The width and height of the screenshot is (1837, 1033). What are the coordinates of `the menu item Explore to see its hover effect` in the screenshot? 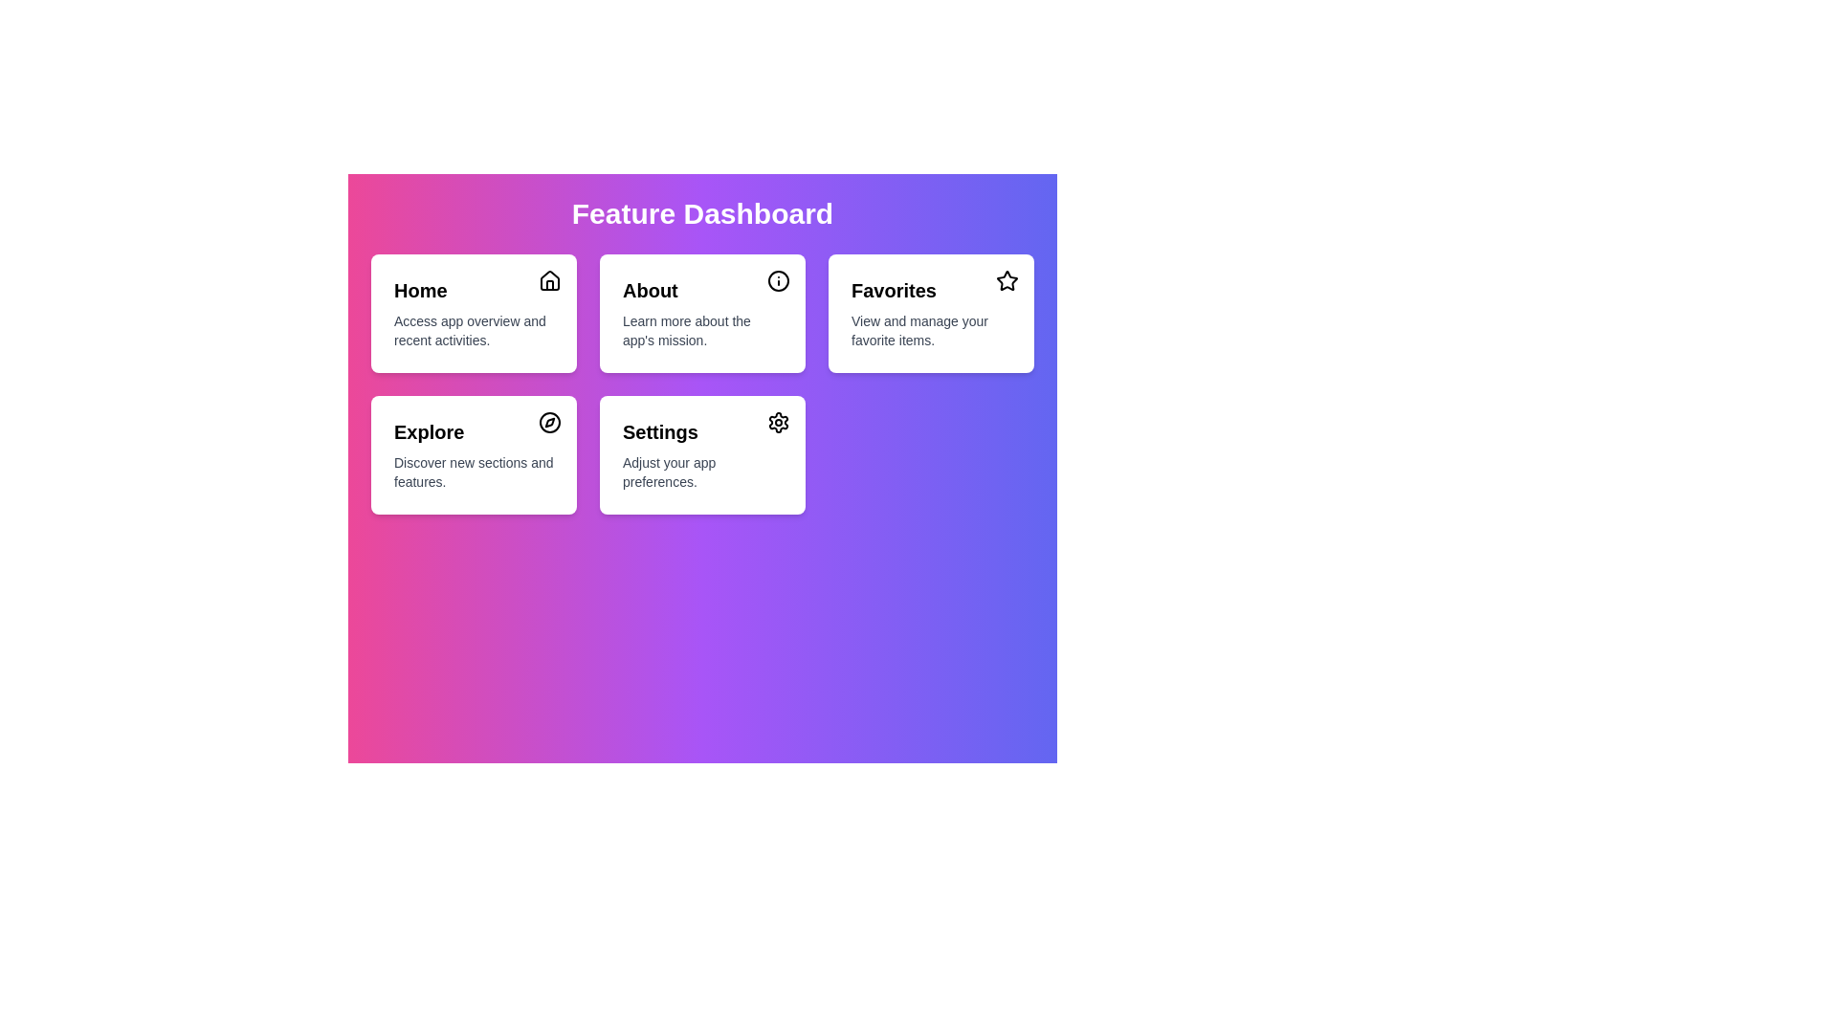 It's located at (474, 454).